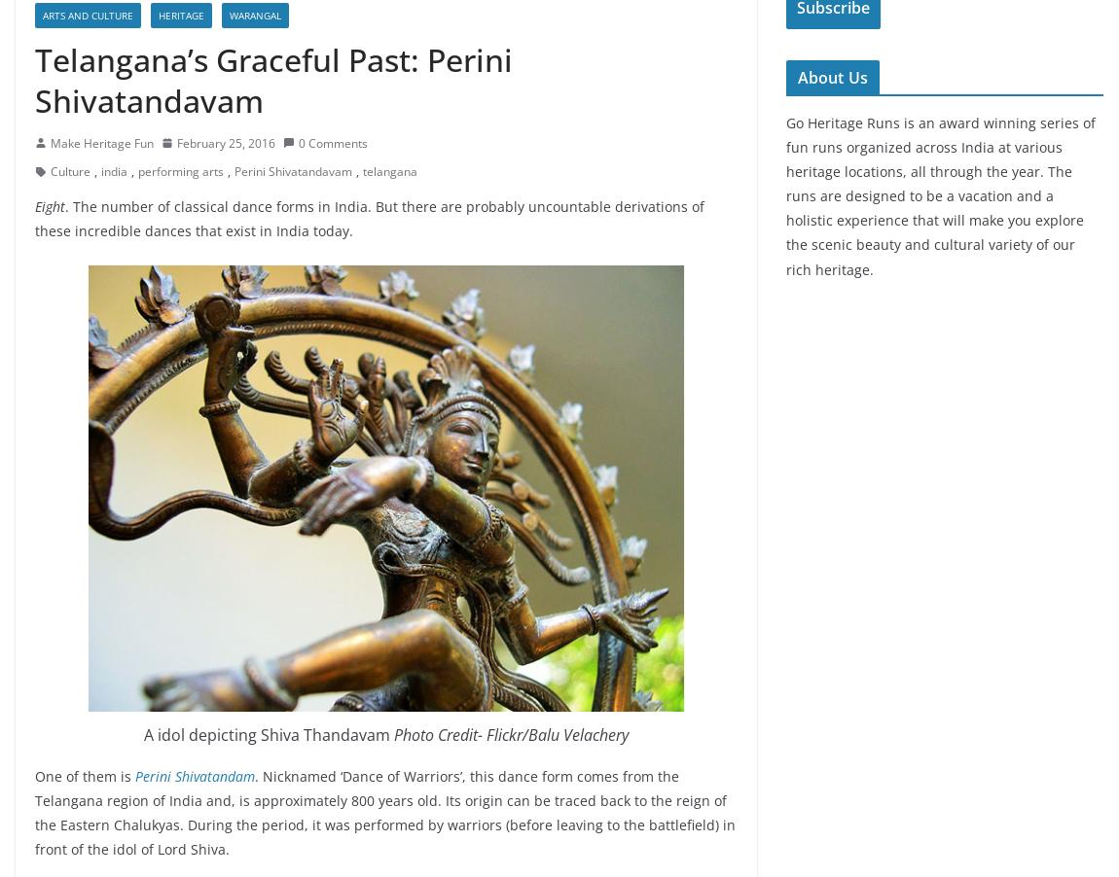 This screenshot has height=877, width=1119. What do you see at coordinates (369, 216) in the screenshot?
I see `'. The number of classical dance forms in India. But there are probably uncountable derivations of these incredible dances that exist in India today.'` at bounding box center [369, 216].